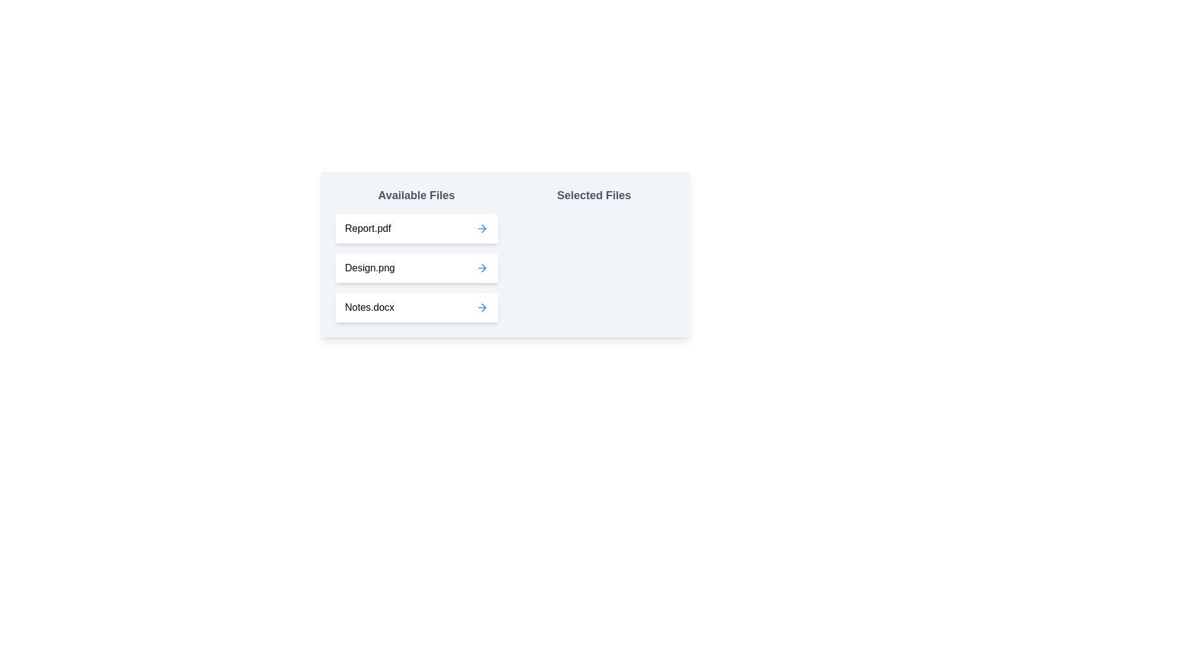 The image size is (1184, 666). Describe the element at coordinates (369, 268) in the screenshot. I see `the text label for 'Design.png', which is the second item under the 'Available Files' section` at that location.